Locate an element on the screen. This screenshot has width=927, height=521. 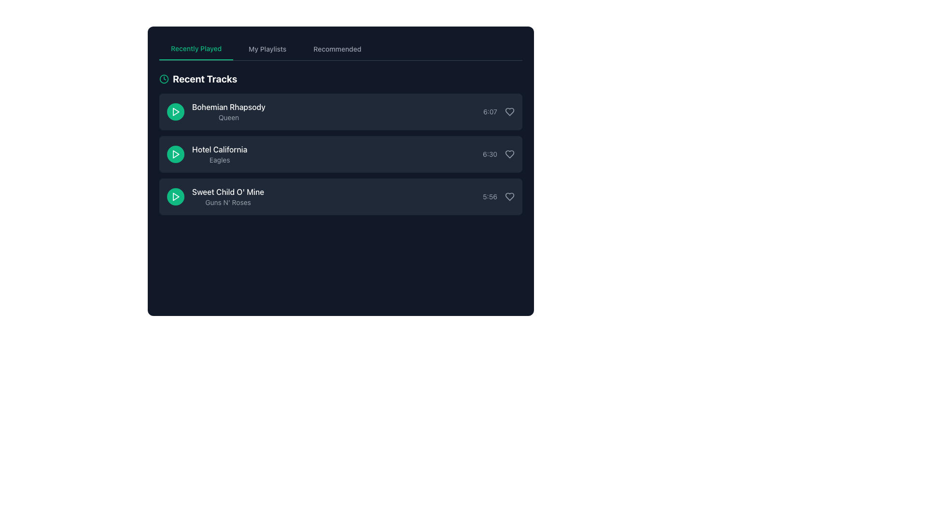
the first list item titled 'Bohemian Rhapsody' under the 'Recently Played' tab is located at coordinates (340, 111).